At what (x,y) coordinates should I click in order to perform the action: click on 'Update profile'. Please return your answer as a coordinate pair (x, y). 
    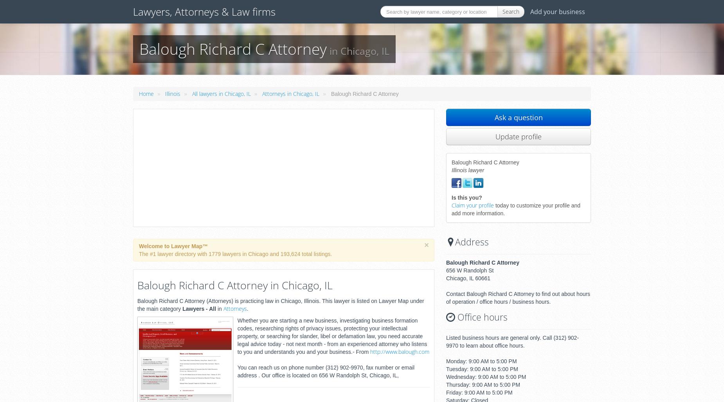
    Looking at the image, I should click on (518, 136).